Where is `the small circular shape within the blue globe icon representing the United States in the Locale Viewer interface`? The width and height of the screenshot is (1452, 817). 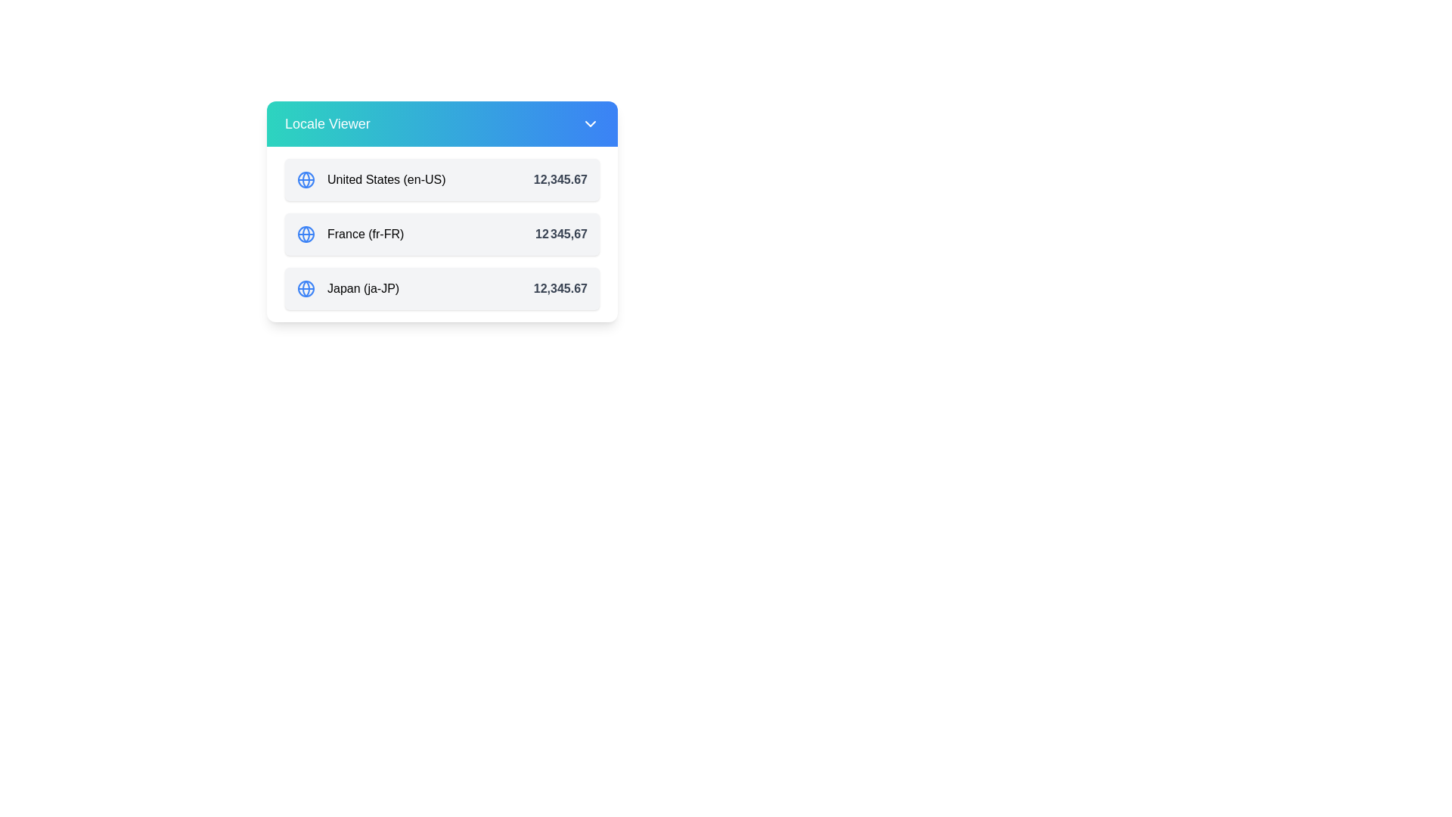 the small circular shape within the blue globe icon representing the United States in the Locale Viewer interface is located at coordinates (305, 179).